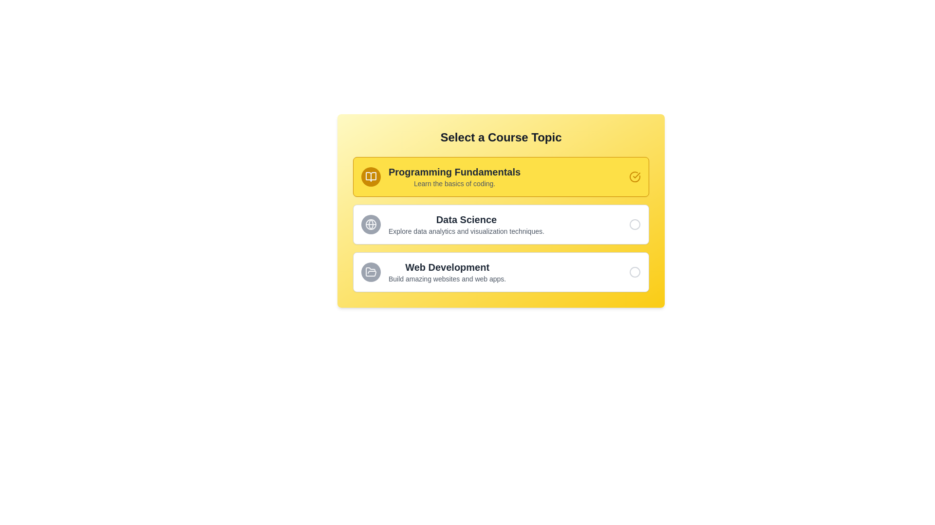 Image resolution: width=935 pixels, height=525 pixels. What do you see at coordinates (466, 231) in the screenshot?
I see `the text element that reads 'Explore data analytics and visualization techniques.' located beneath the 'Data Science' label` at bounding box center [466, 231].